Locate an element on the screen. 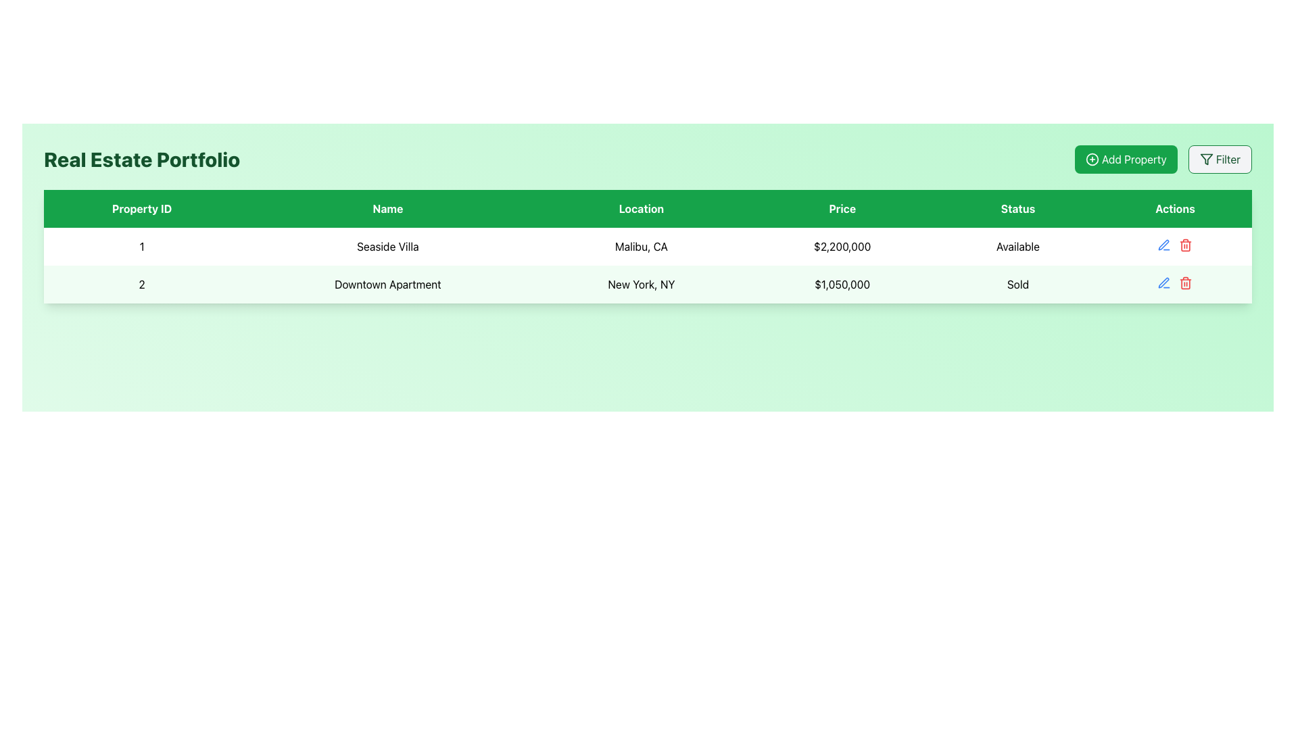 Image resolution: width=1298 pixels, height=730 pixels. the Static Text Label displaying 'Sold' located in the second row under the 'Status' column of the table is located at coordinates (1017, 283).